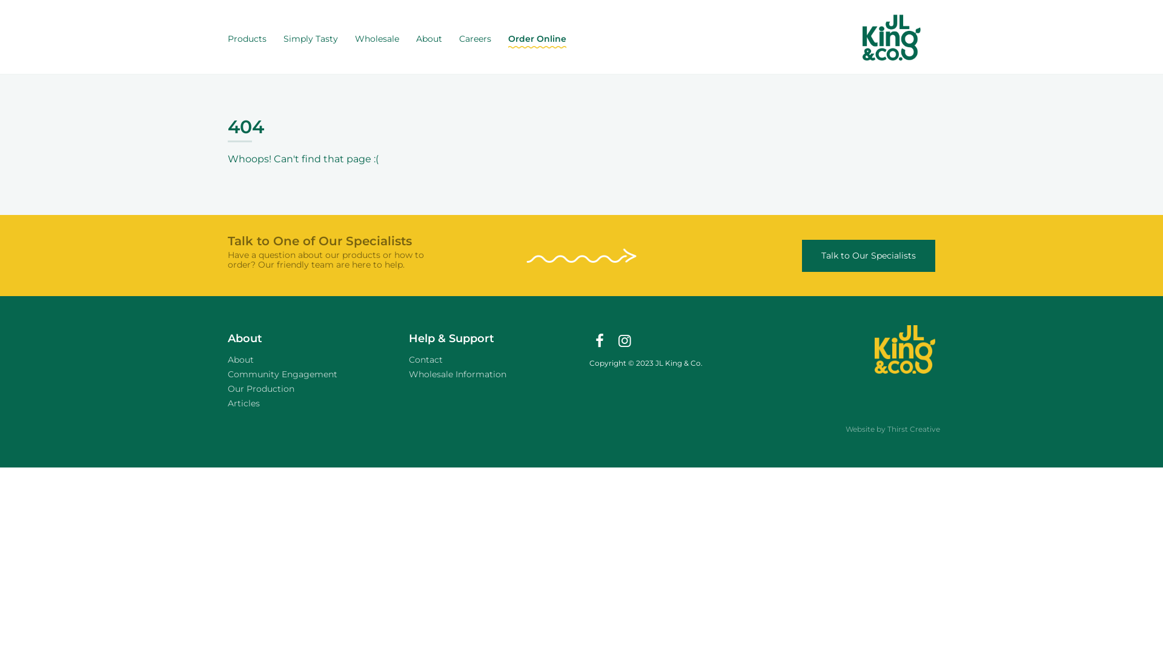 This screenshot has width=1163, height=654. Describe the element at coordinates (243, 403) in the screenshot. I see `'Articles'` at that location.